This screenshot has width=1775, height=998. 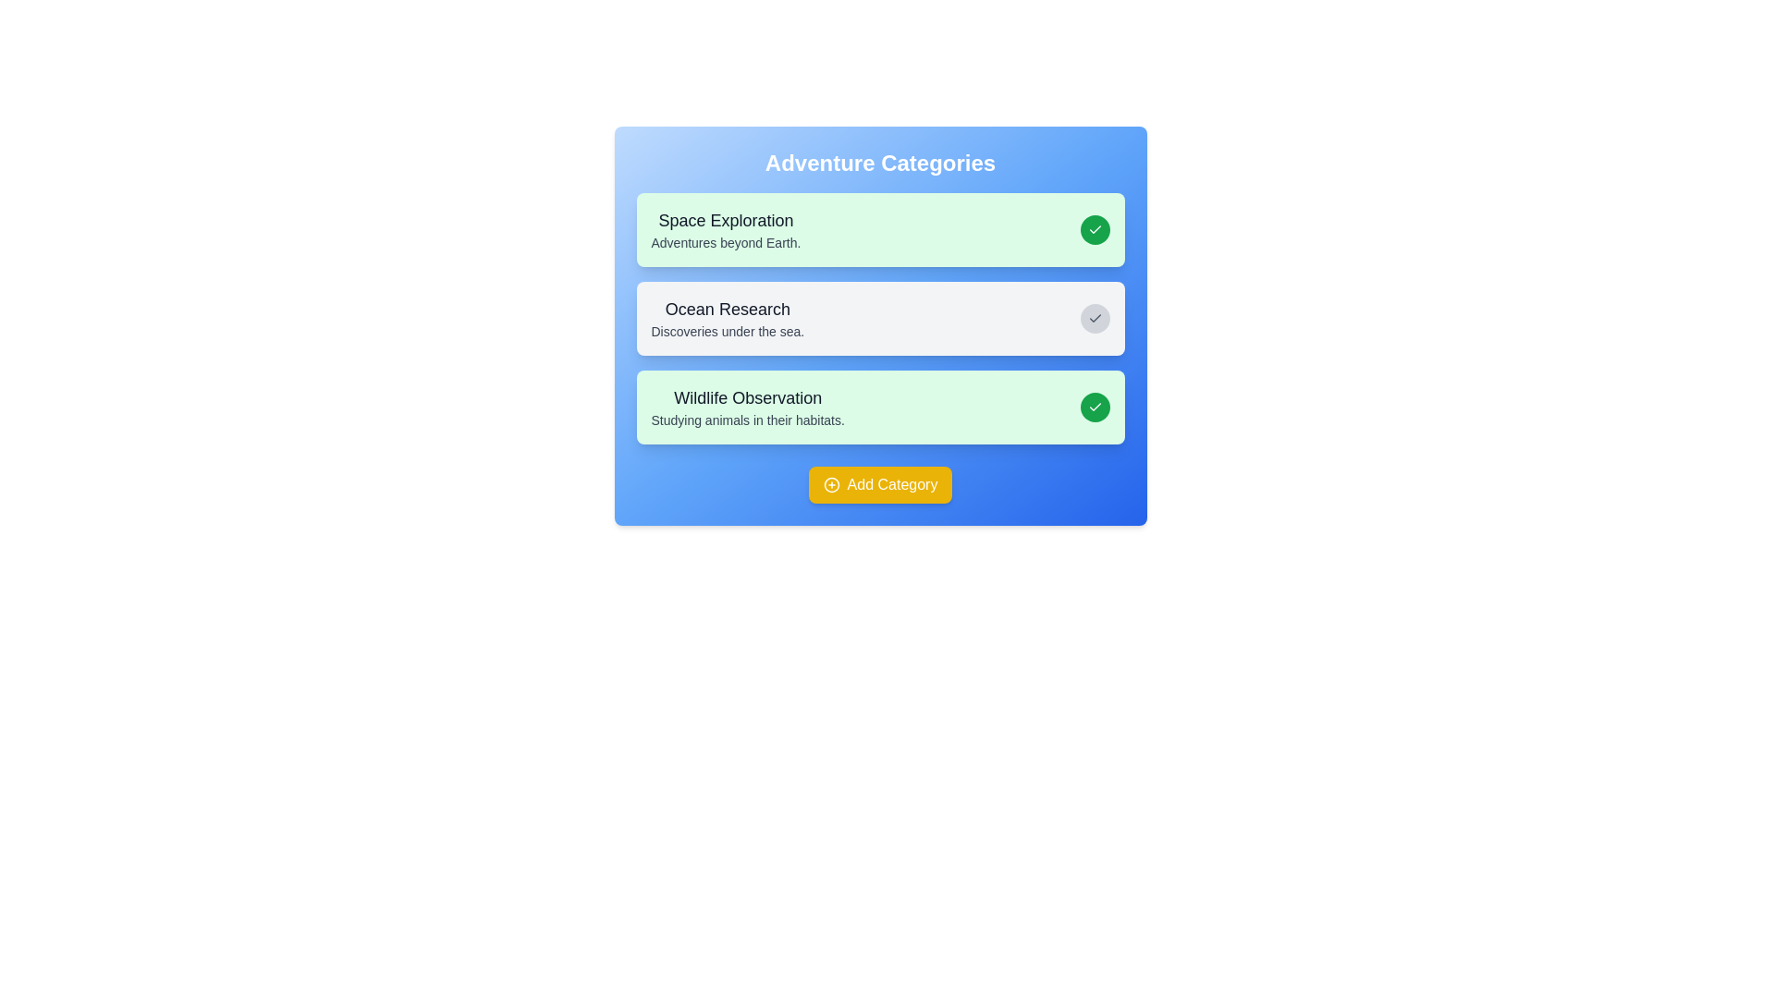 I want to click on the 'Add Category' button to add a new adventure chip, so click(x=879, y=483).